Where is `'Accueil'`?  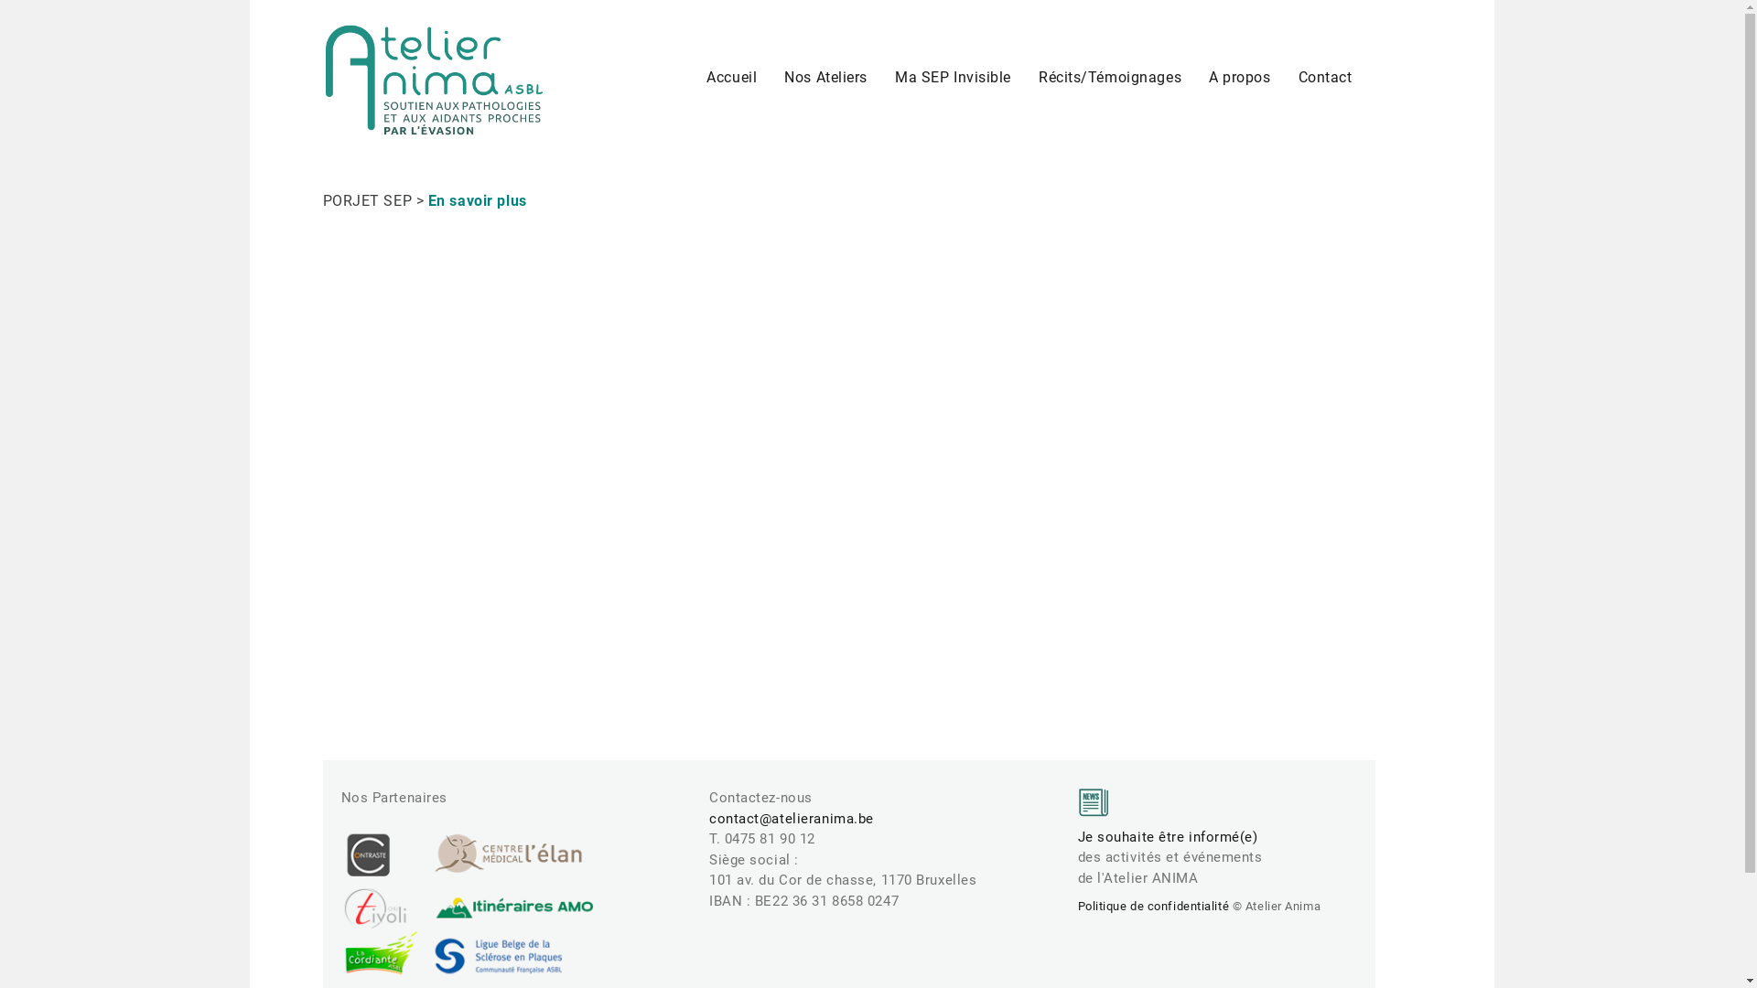 'Accueil' is located at coordinates (730, 76).